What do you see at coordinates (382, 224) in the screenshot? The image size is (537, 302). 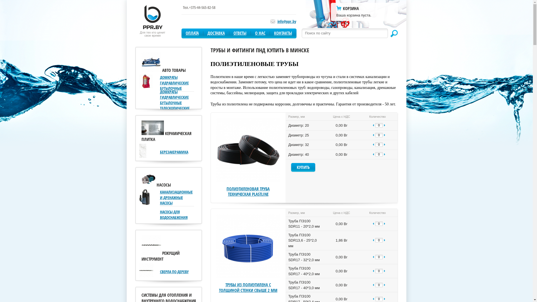 I see `'+'` at bounding box center [382, 224].